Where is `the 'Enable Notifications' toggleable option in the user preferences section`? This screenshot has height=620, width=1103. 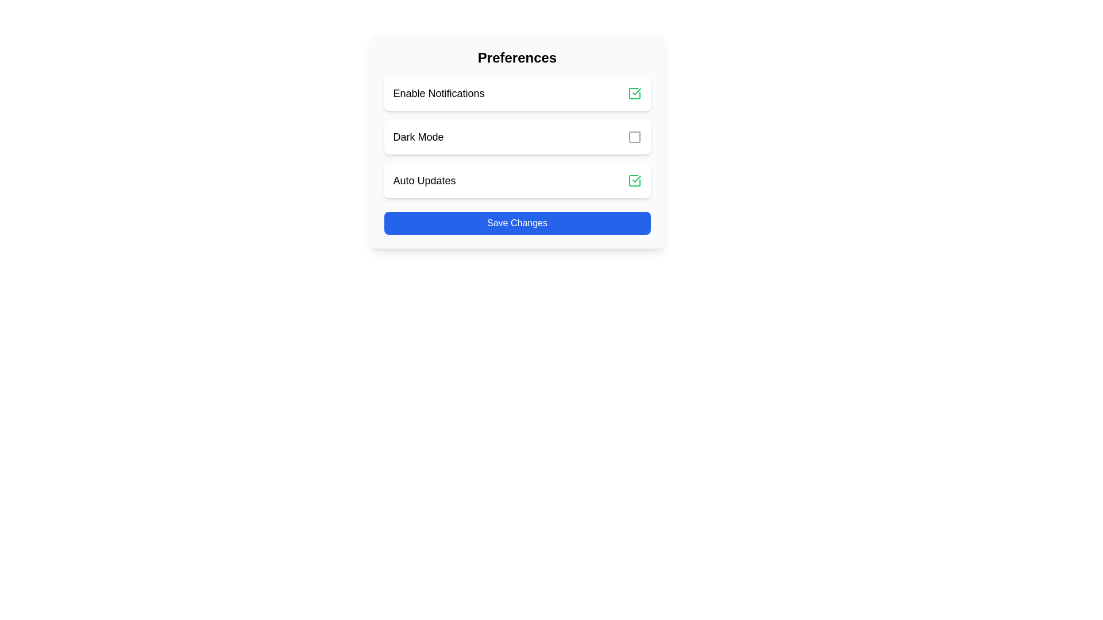
the 'Enable Notifications' toggleable option in the user preferences section is located at coordinates (516, 92).